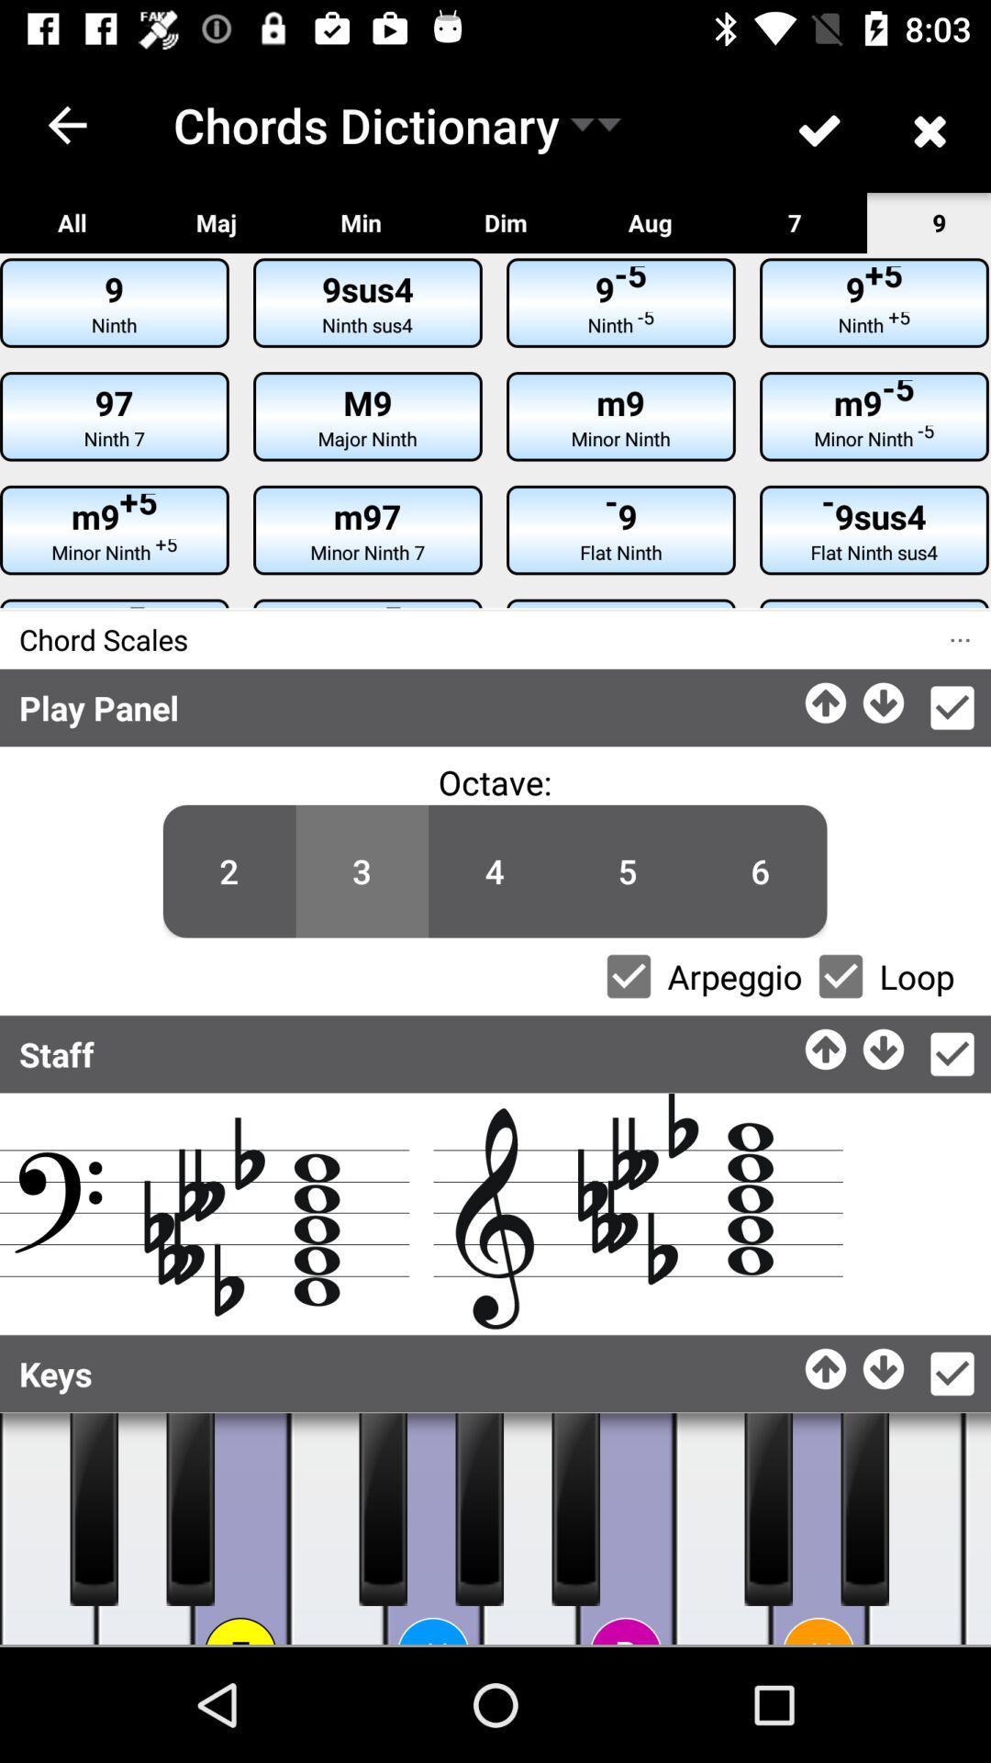  What do you see at coordinates (884, 697) in the screenshot?
I see `download` at bounding box center [884, 697].